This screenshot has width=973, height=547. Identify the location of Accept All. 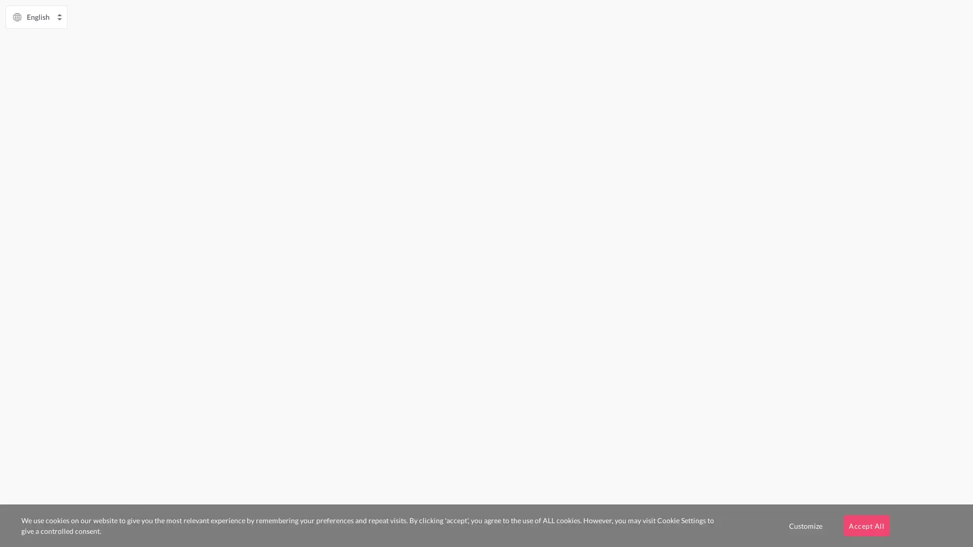
(866, 525).